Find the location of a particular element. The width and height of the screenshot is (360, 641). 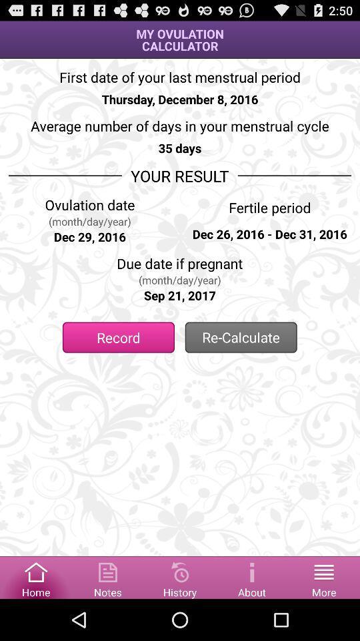

the home page is located at coordinates (36, 576).